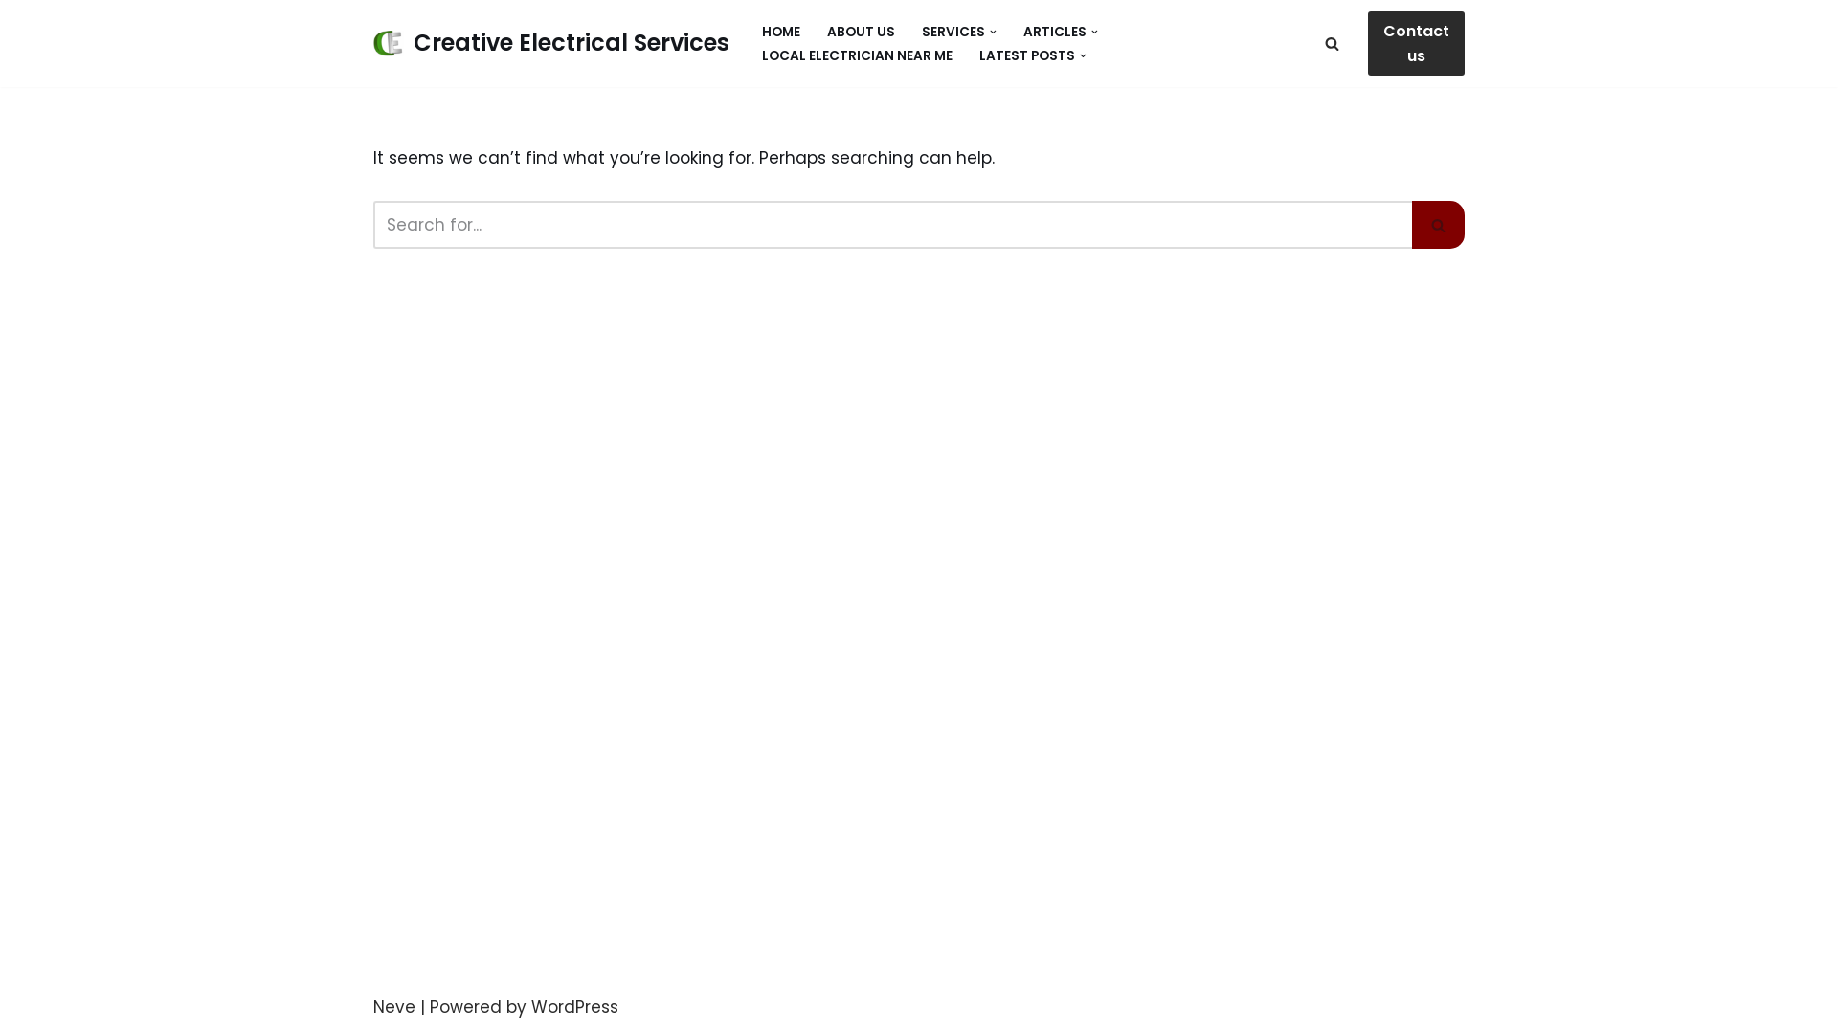 This screenshot has width=1838, height=1033. I want to click on 'Skip to content', so click(13, 40).